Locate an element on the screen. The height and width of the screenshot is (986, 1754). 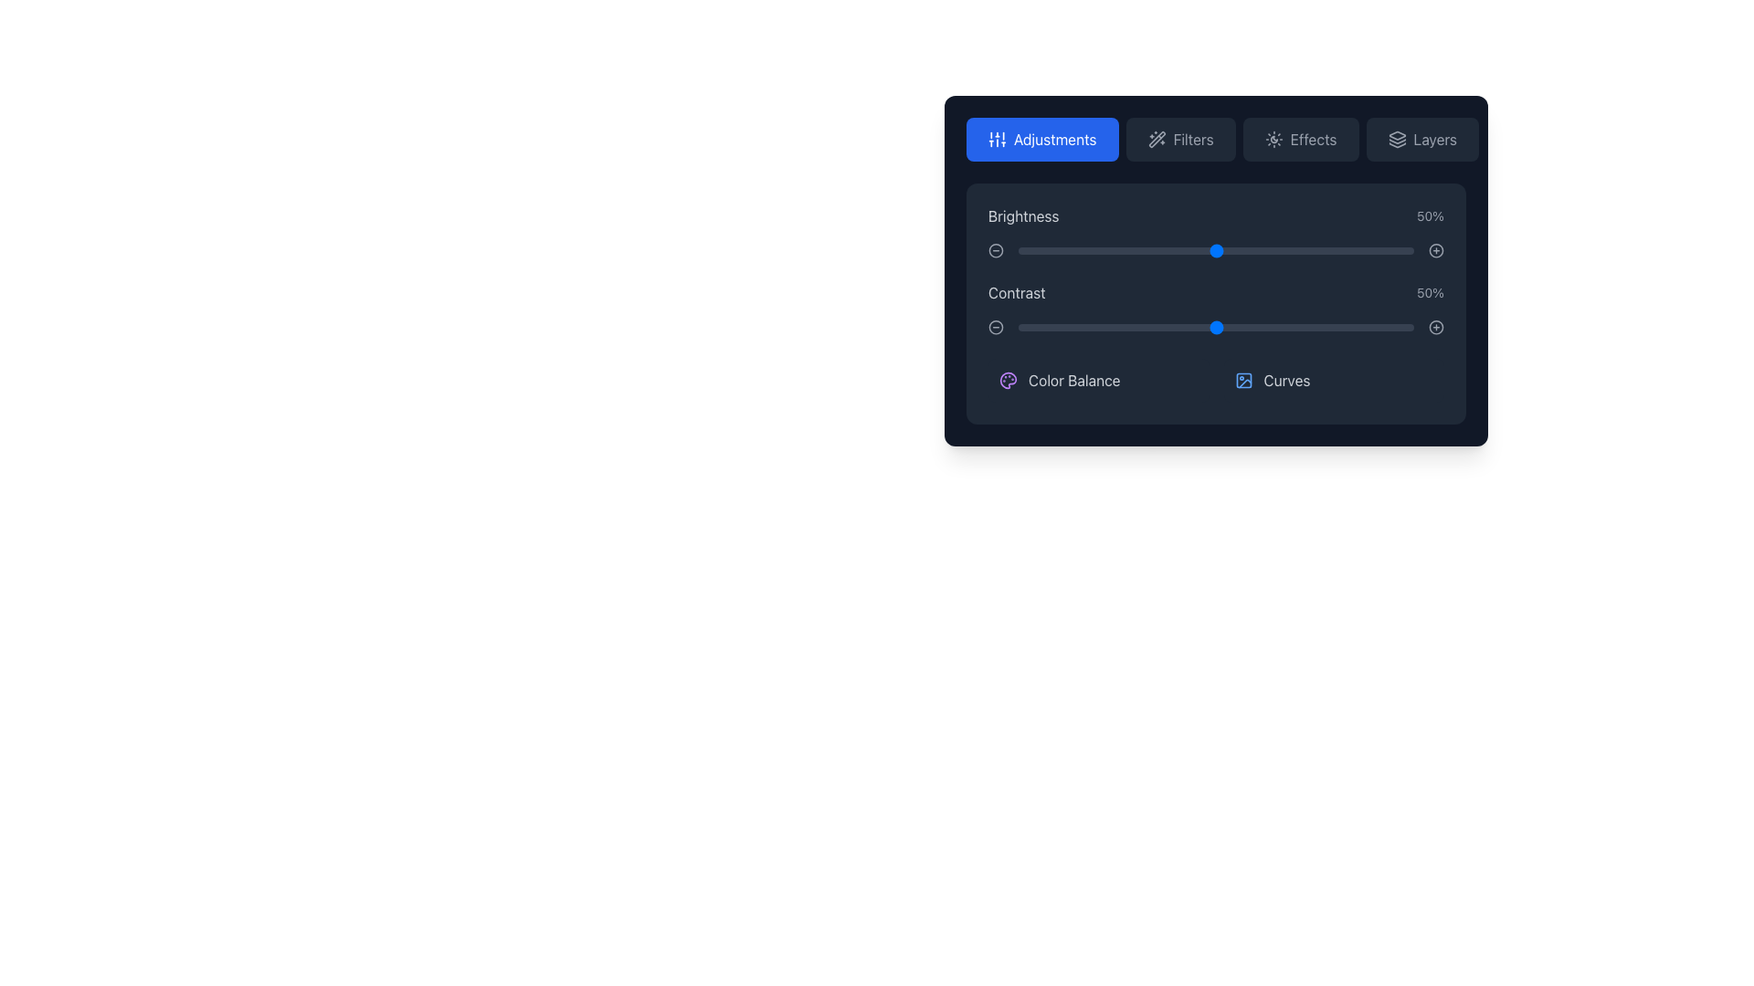
Brightness slider is located at coordinates (1085, 250).